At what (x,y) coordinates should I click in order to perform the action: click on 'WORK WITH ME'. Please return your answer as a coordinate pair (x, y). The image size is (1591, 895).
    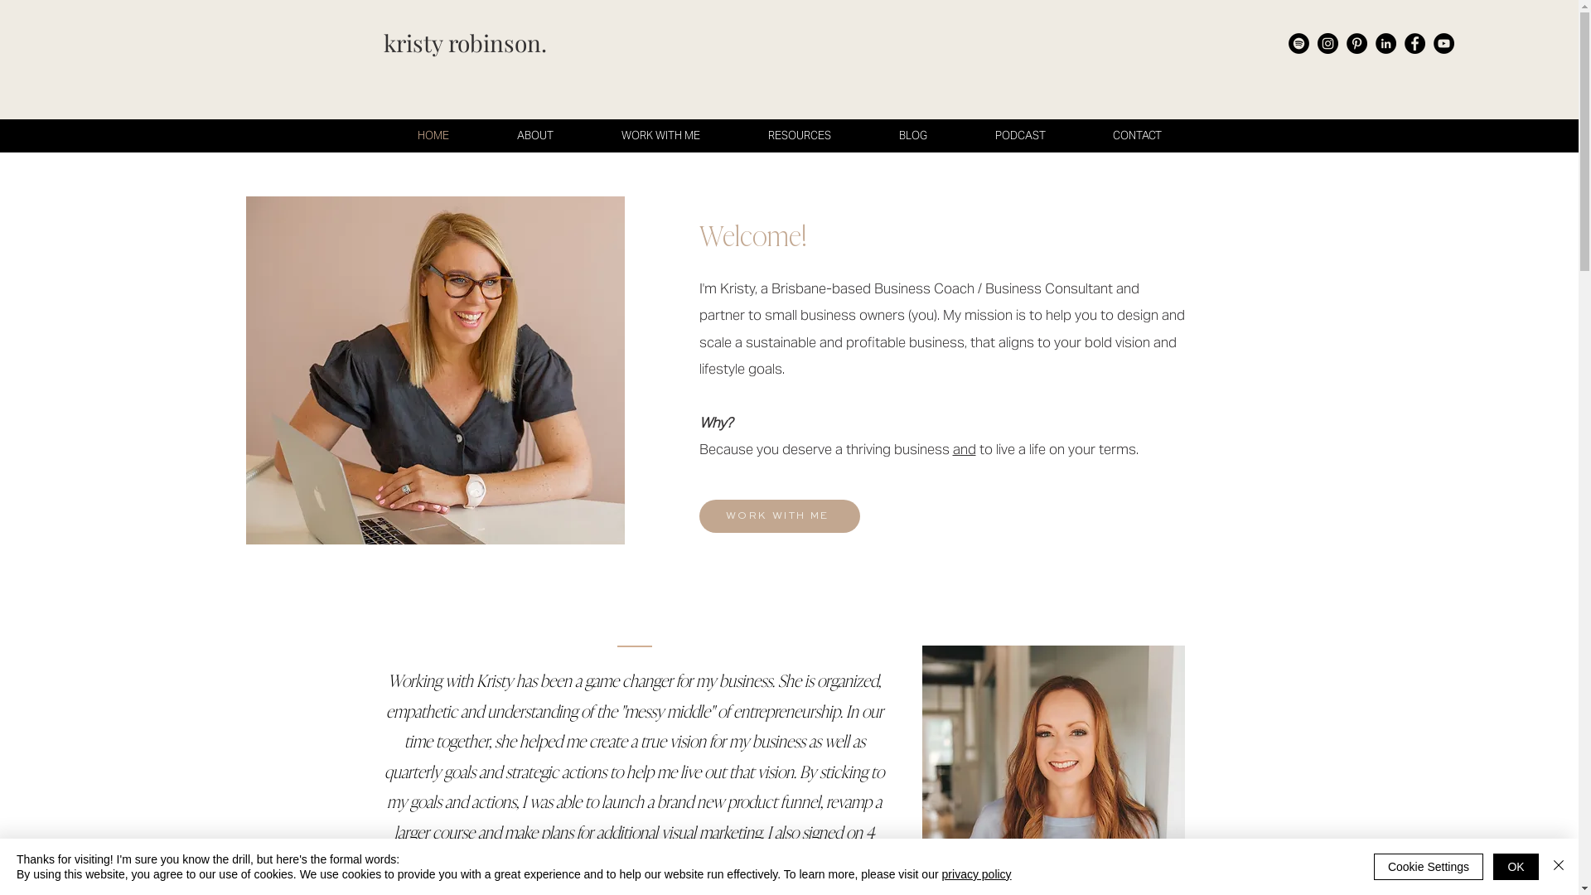
    Looking at the image, I should click on (659, 135).